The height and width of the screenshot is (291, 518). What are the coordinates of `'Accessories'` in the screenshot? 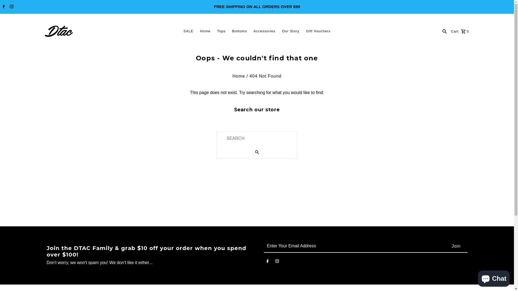 It's located at (264, 31).